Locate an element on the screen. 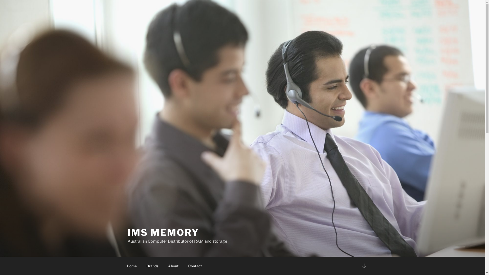 This screenshot has width=489, height=275. 'IMS MEMORY' is located at coordinates (163, 232).